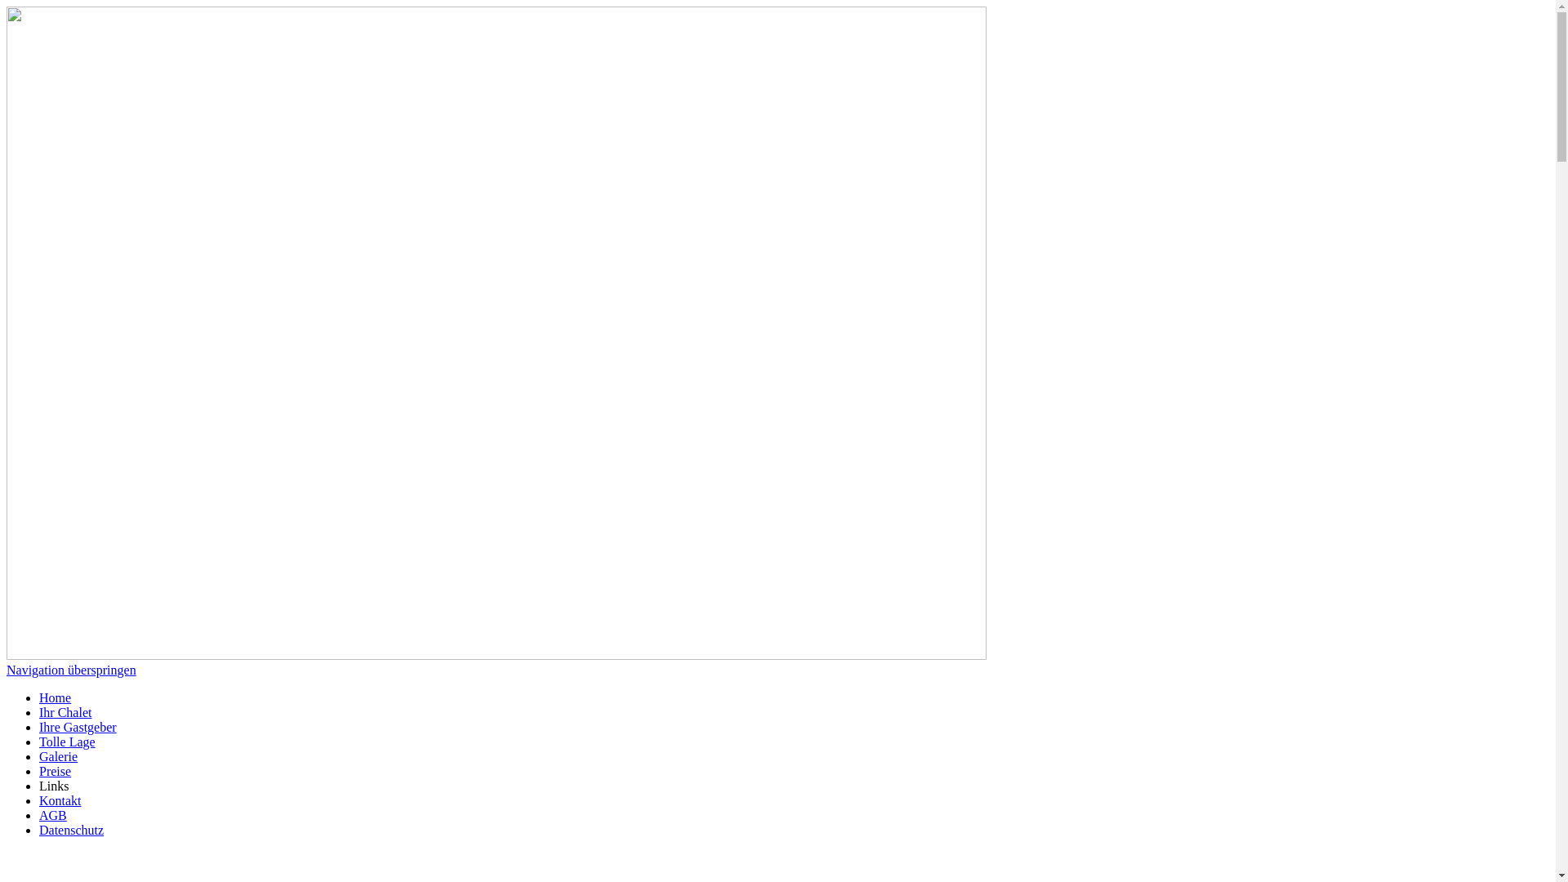 The image size is (1568, 882). I want to click on 'Preise', so click(55, 771).